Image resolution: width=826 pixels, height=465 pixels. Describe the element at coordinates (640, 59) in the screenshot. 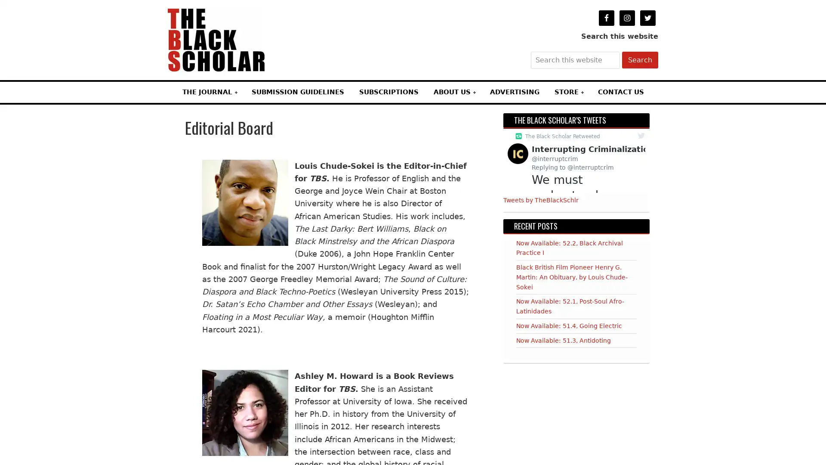

I see `Search` at that location.